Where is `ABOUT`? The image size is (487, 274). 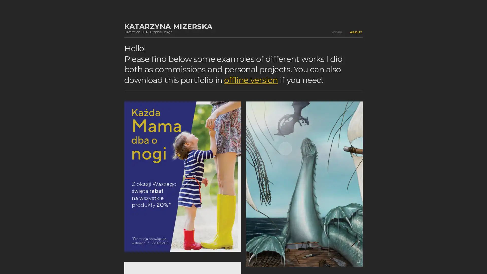 ABOUT is located at coordinates (356, 32).